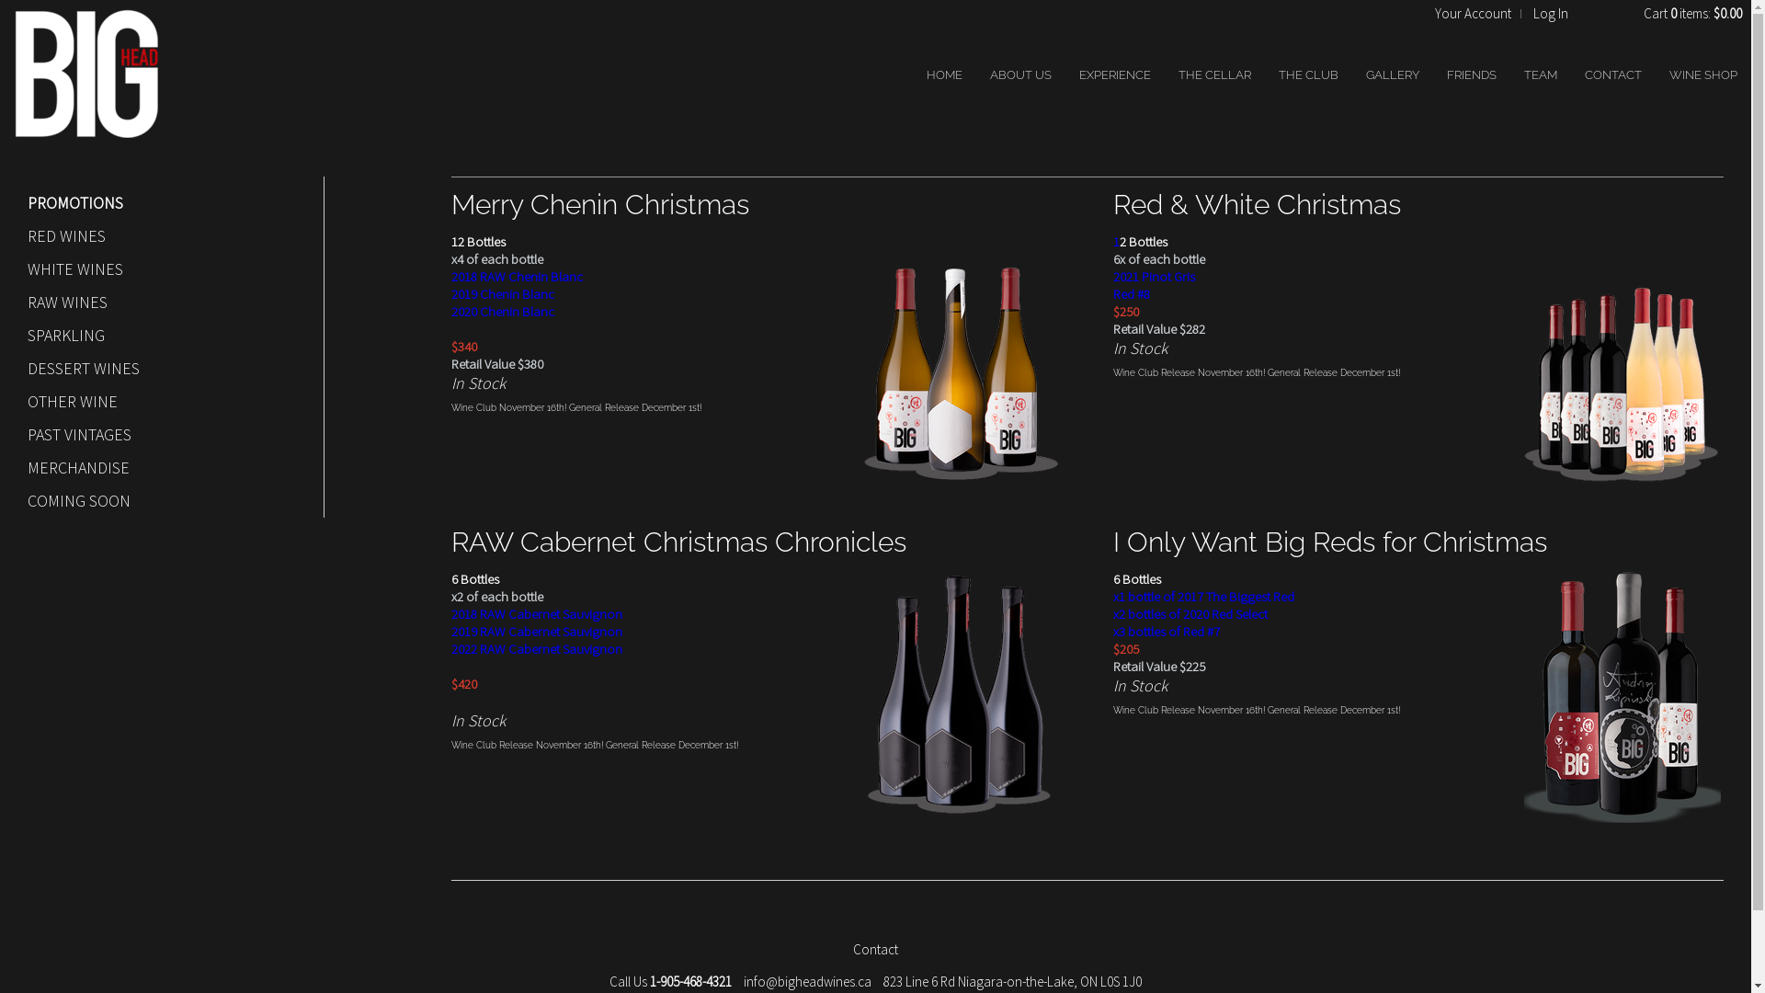 This screenshot has height=993, width=1765. What do you see at coordinates (536, 613) in the screenshot?
I see `'2018 RAW Cabernet Sauvignon'` at bounding box center [536, 613].